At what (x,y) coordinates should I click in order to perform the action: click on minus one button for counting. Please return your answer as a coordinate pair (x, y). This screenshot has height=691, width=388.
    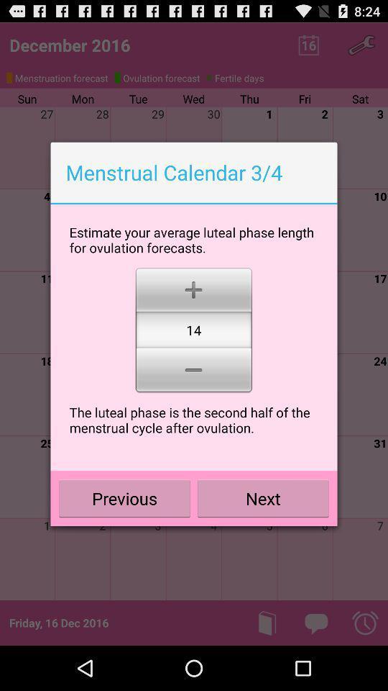
    Looking at the image, I should click on (193, 371).